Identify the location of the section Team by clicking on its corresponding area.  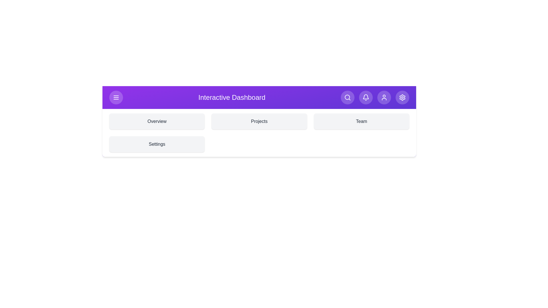
(361, 121).